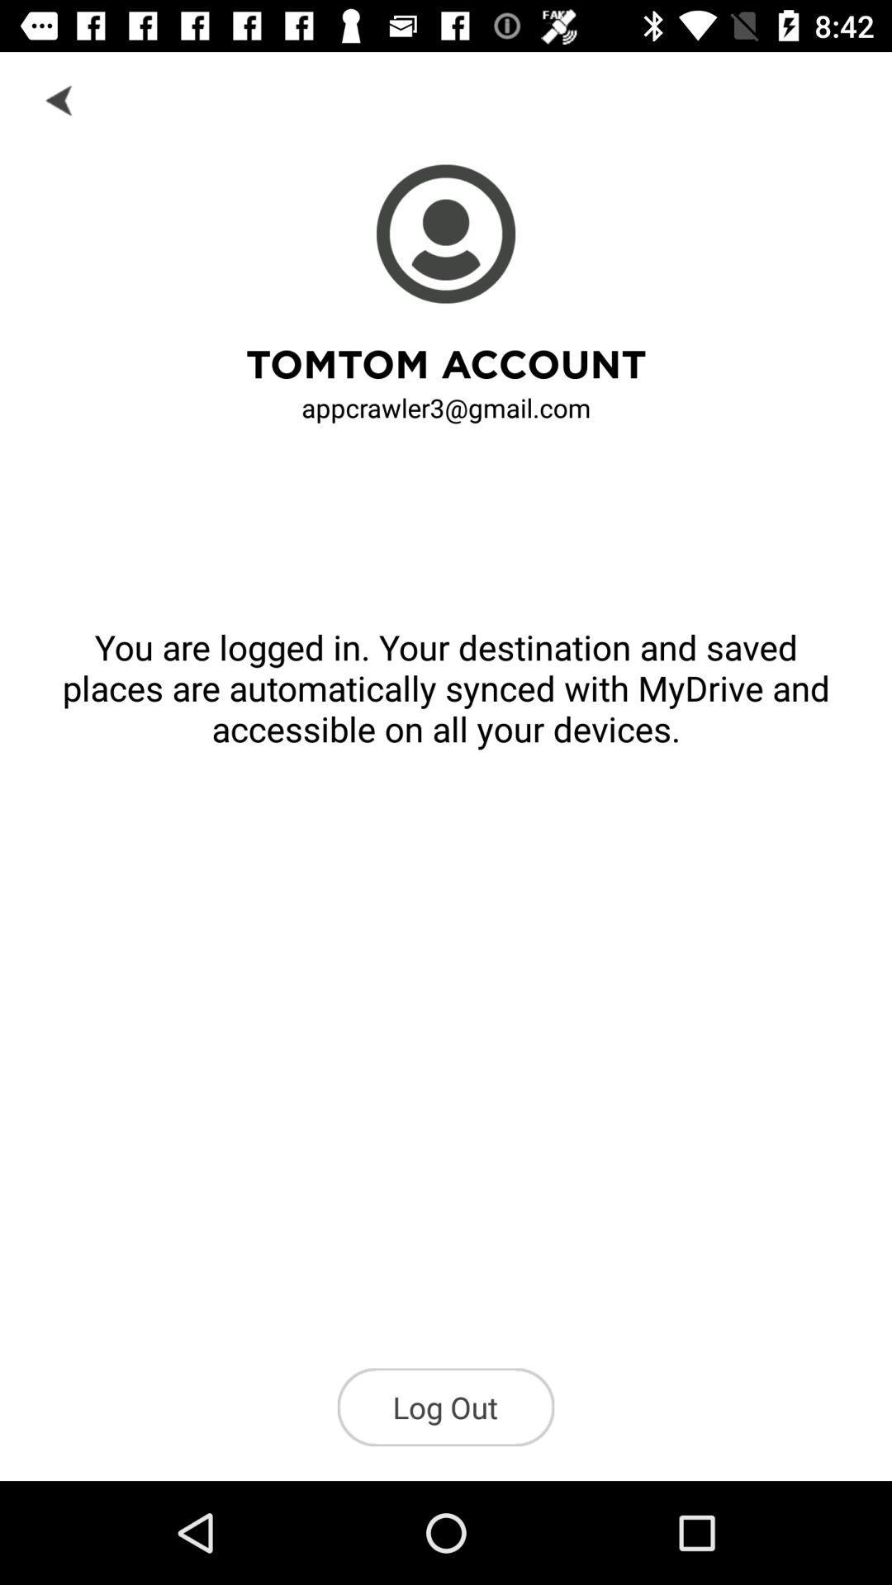 The height and width of the screenshot is (1585, 892). I want to click on goto previous screen, so click(59, 98).